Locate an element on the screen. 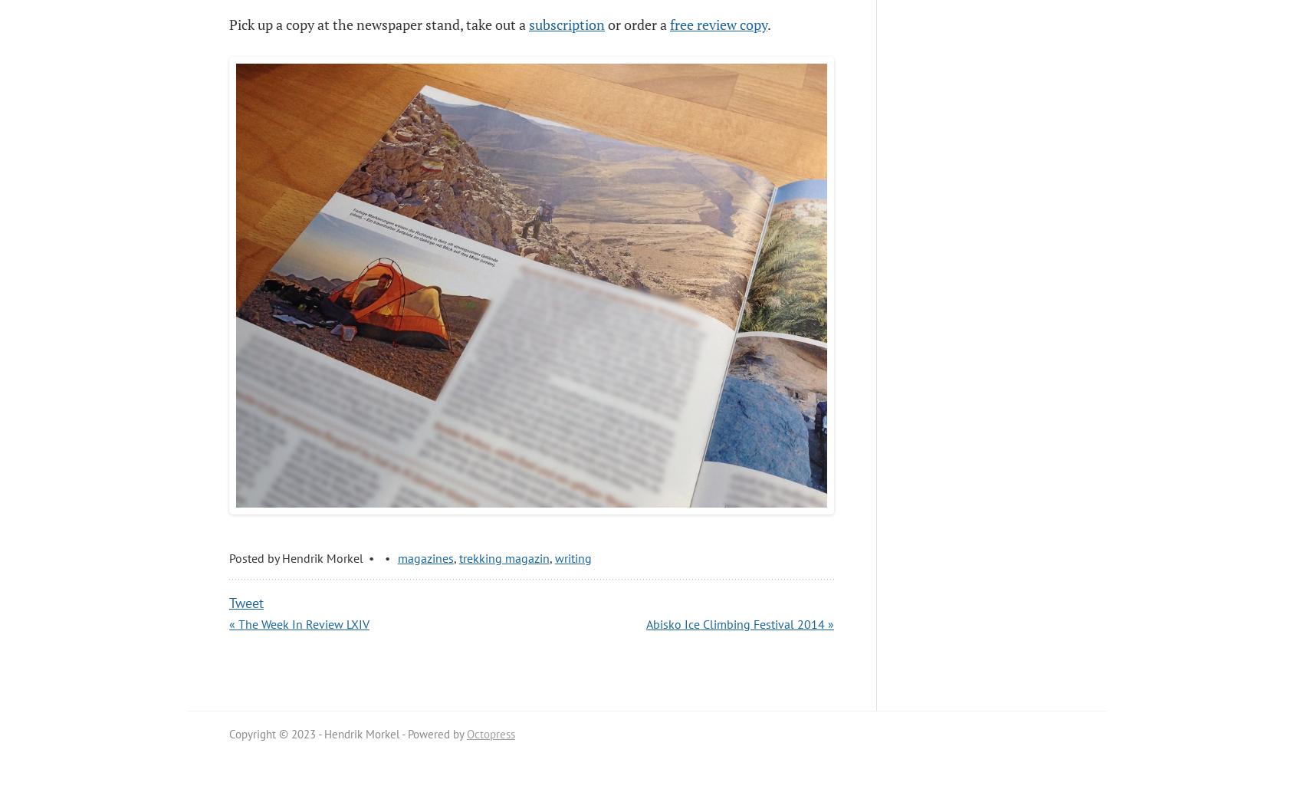  'Pick up a copy at the newspaper stand, take out a' is located at coordinates (378, 25).